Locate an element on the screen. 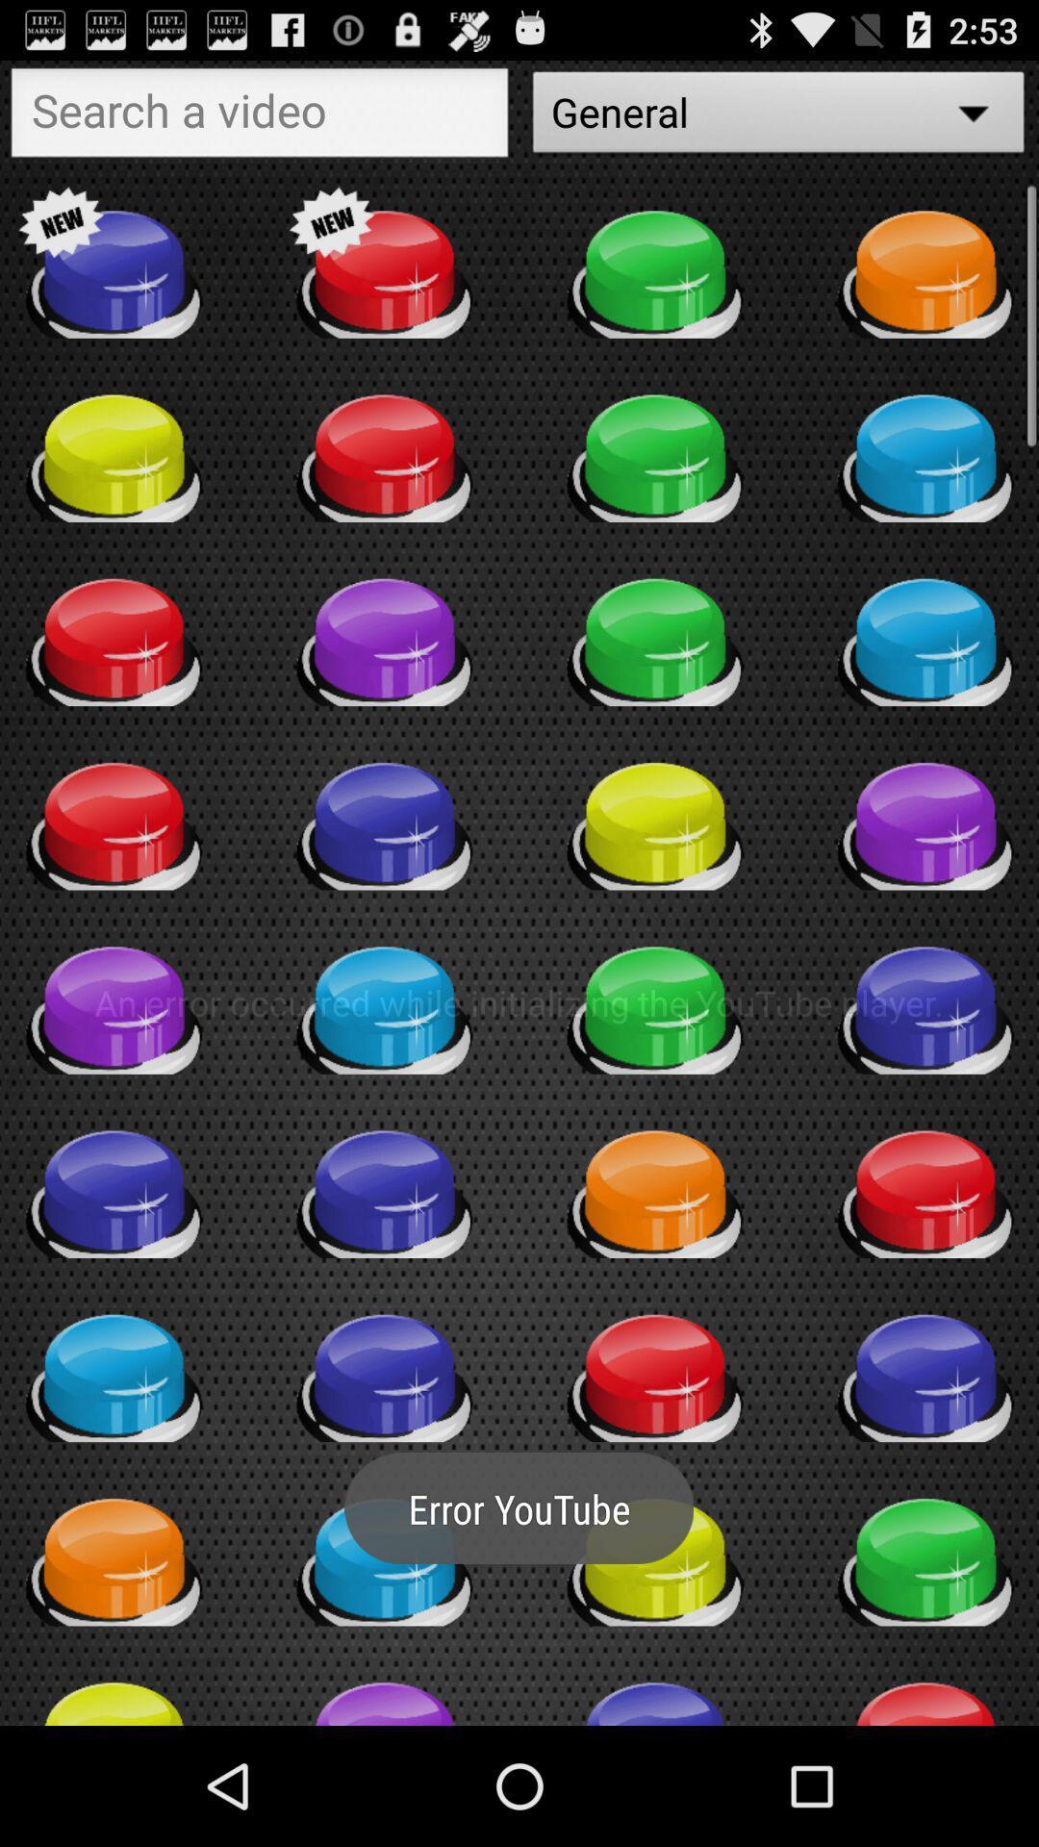 The image size is (1039, 1847). what to search is located at coordinates (260, 116).